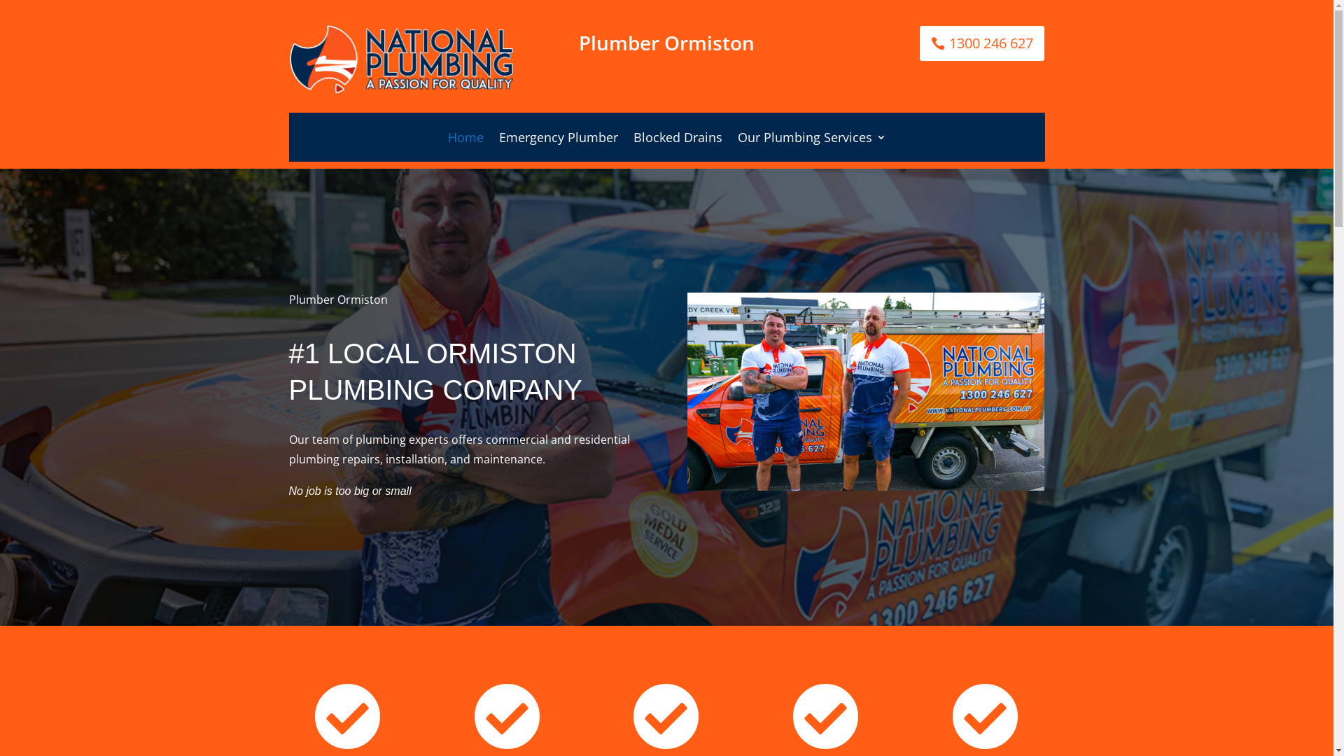 The width and height of the screenshot is (1344, 756). I want to click on '1300 246 627', so click(920, 42).